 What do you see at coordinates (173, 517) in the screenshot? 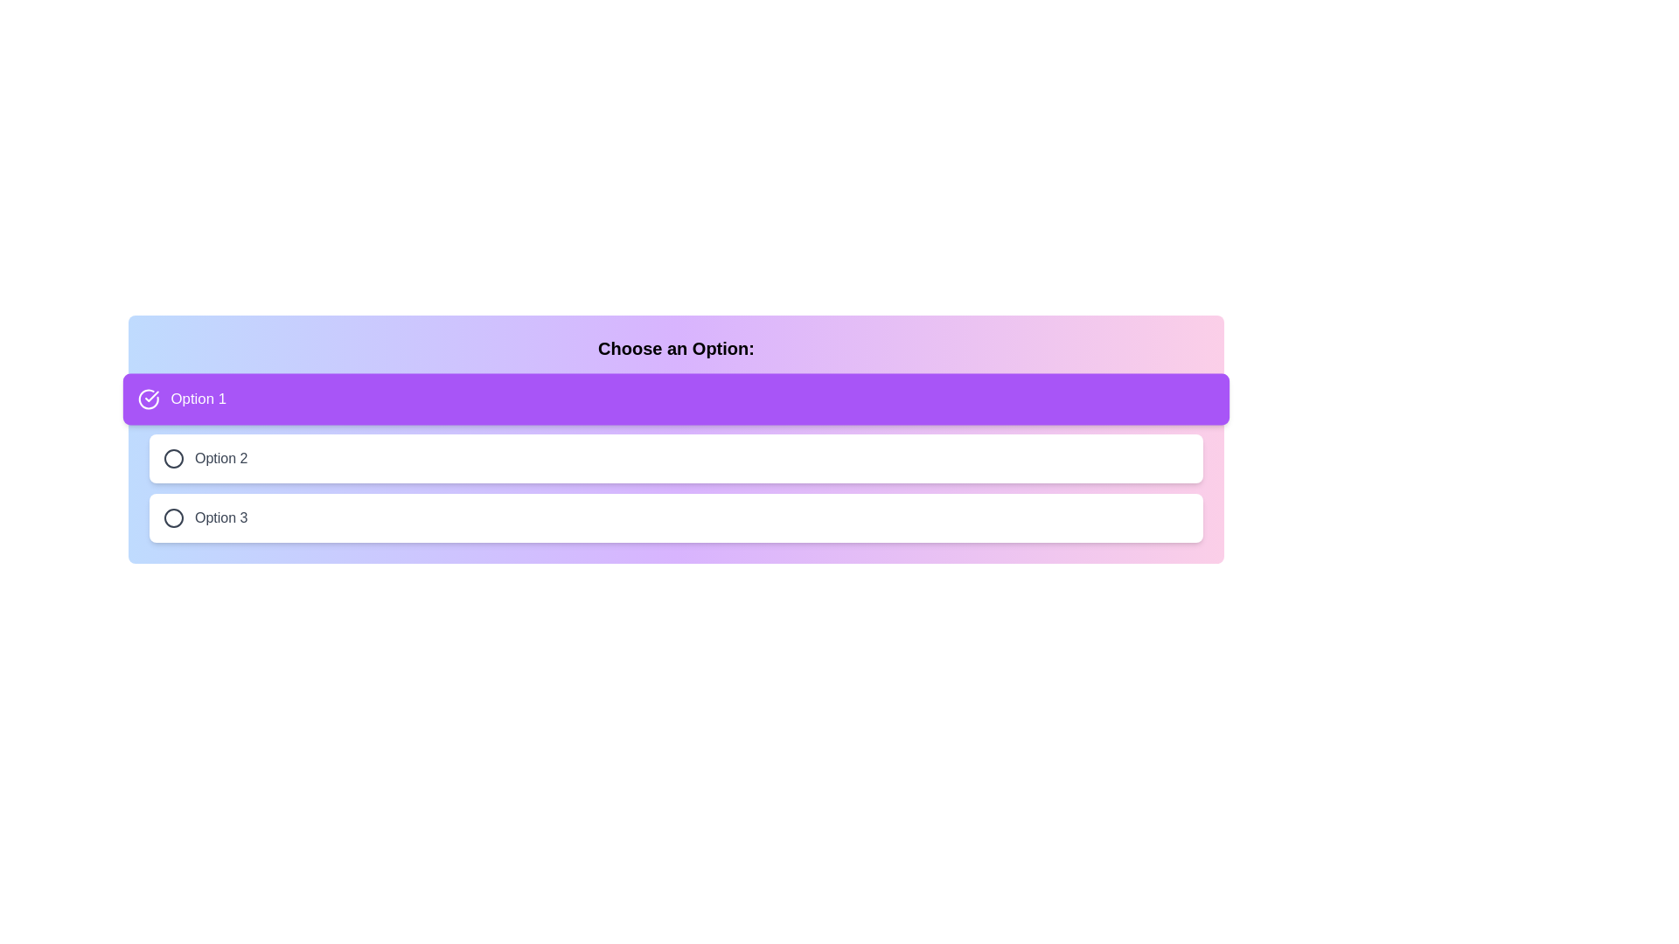
I see `the circular radio button indicator for 'Option 3'` at bounding box center [173, 517].